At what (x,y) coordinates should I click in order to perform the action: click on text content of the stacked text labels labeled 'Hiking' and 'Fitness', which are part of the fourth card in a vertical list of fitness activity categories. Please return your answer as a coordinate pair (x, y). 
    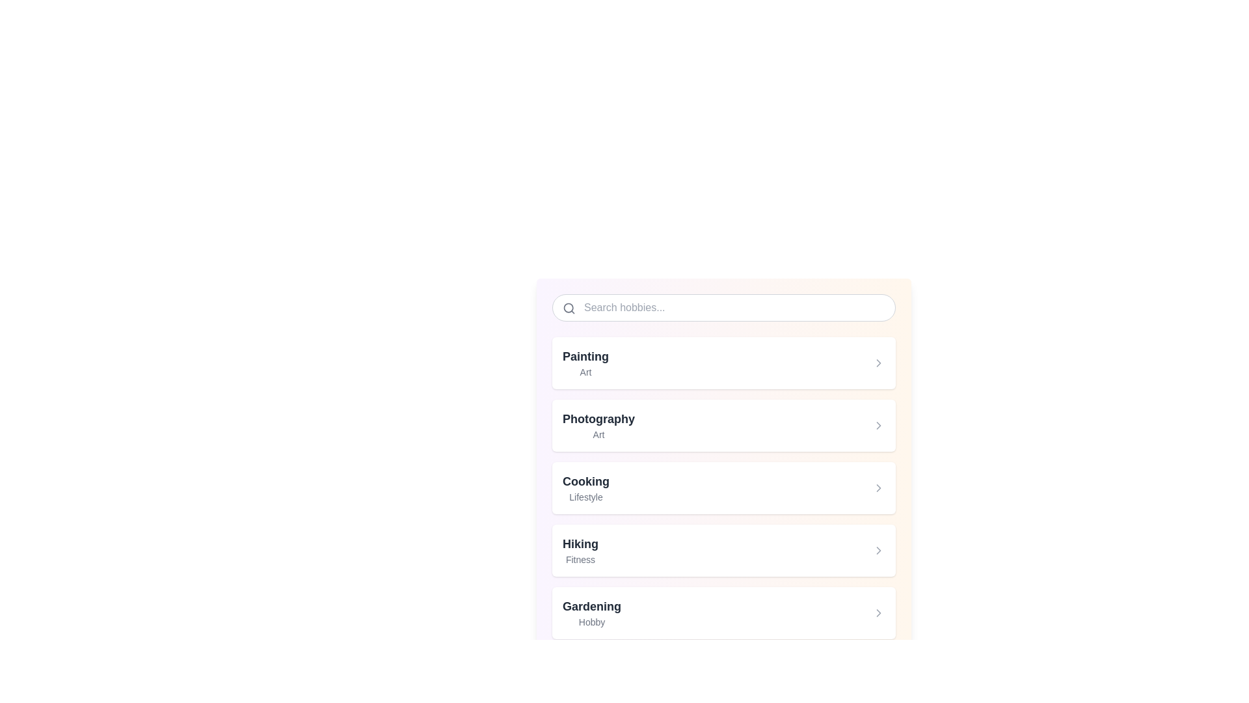
    Looking at the image, I should click on (580, 550).